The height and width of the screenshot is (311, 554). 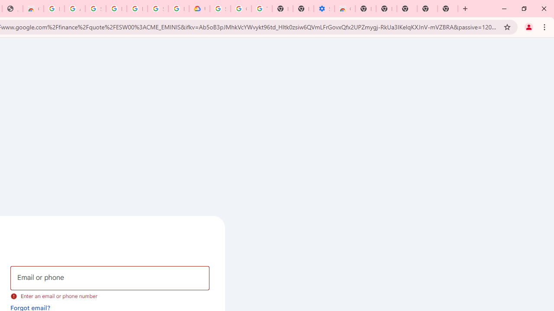 I want to click on 'Sign in - Google Accounts', so click(x=95, y=9).